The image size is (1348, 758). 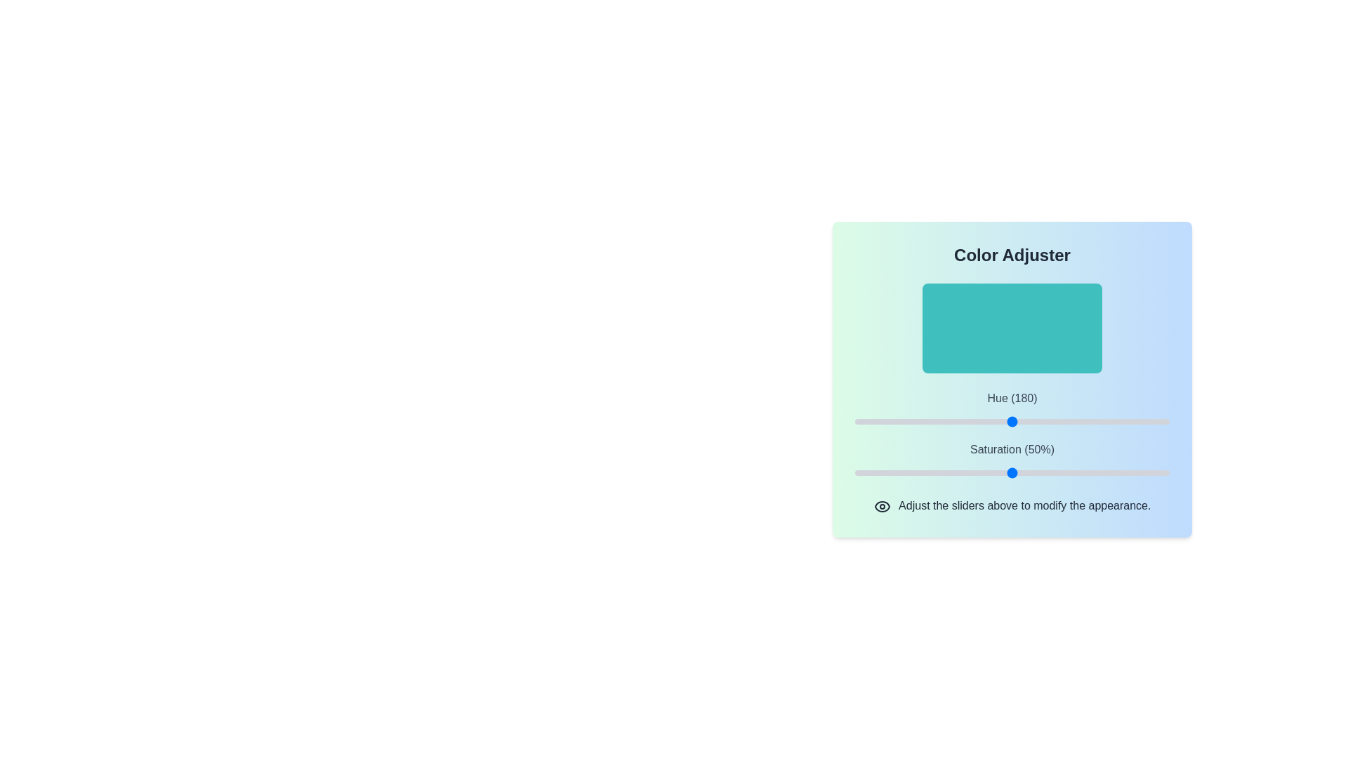 I want to click on the saturation slider to set the saturation to 18%, so click(x=911, y=473).